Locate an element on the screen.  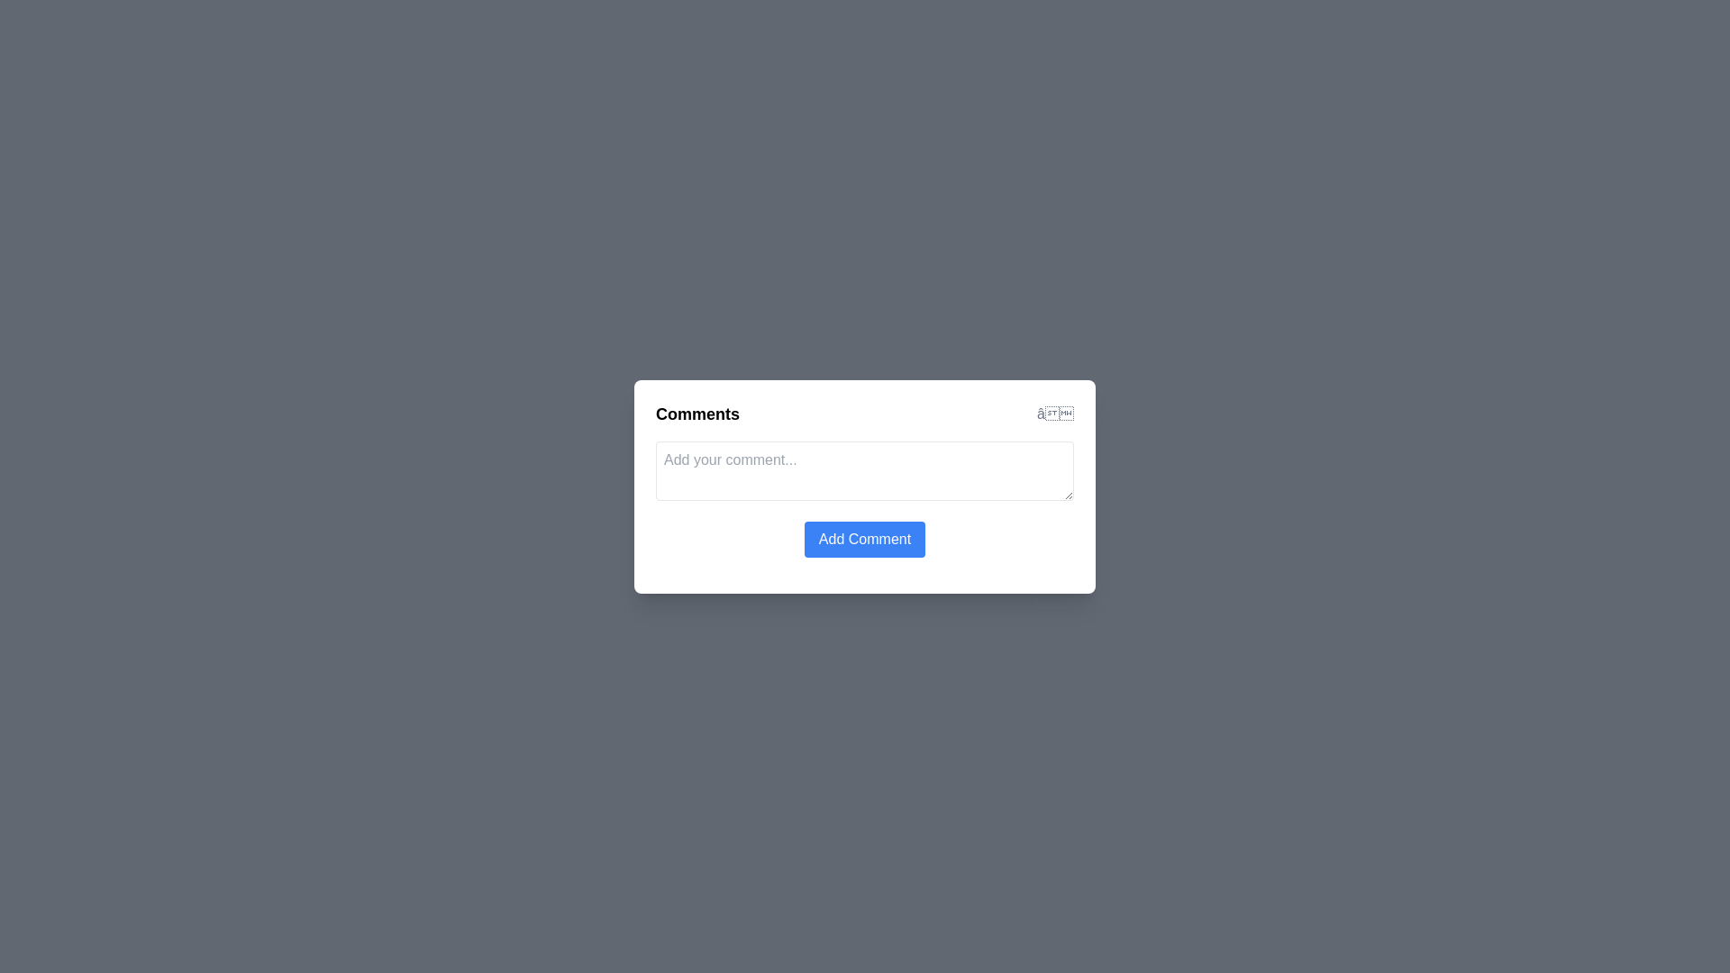
the 'Add Comment' button is located at coordinates (865, 538).